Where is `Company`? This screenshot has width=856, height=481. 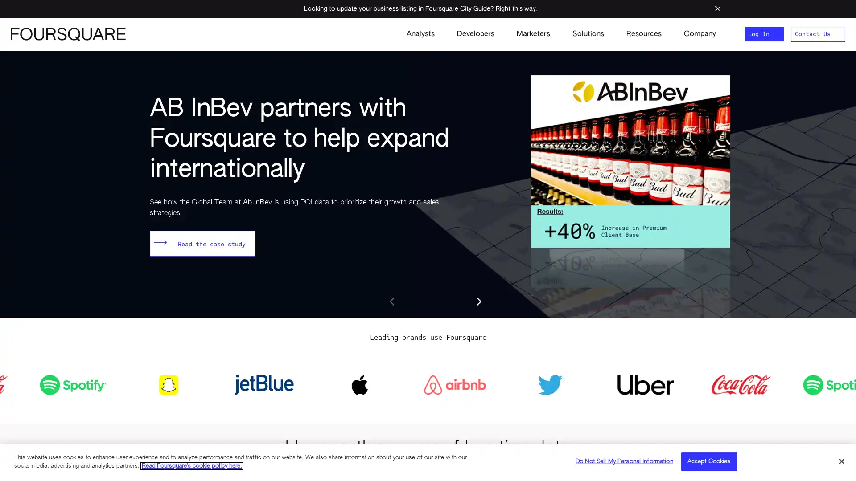
Company is located at coordinates (694, 34).